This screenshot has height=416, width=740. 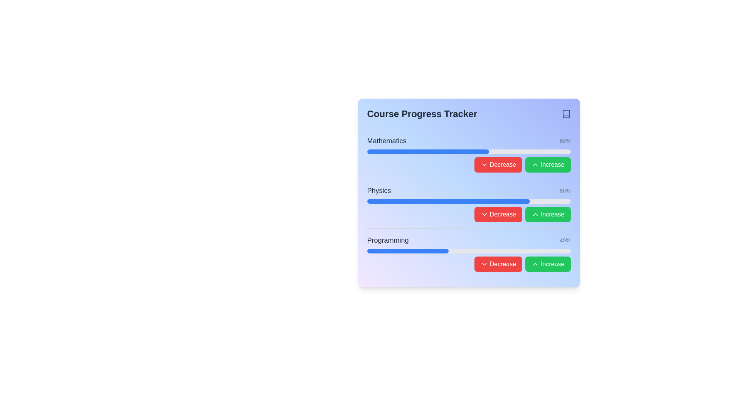 I want to click on displayed percentage value from the static text label indicating the completion of the 'Physics' progress bar, positioned between the 'Mathematics' and 'Programming' progress groups, so click(x=565, y=190).